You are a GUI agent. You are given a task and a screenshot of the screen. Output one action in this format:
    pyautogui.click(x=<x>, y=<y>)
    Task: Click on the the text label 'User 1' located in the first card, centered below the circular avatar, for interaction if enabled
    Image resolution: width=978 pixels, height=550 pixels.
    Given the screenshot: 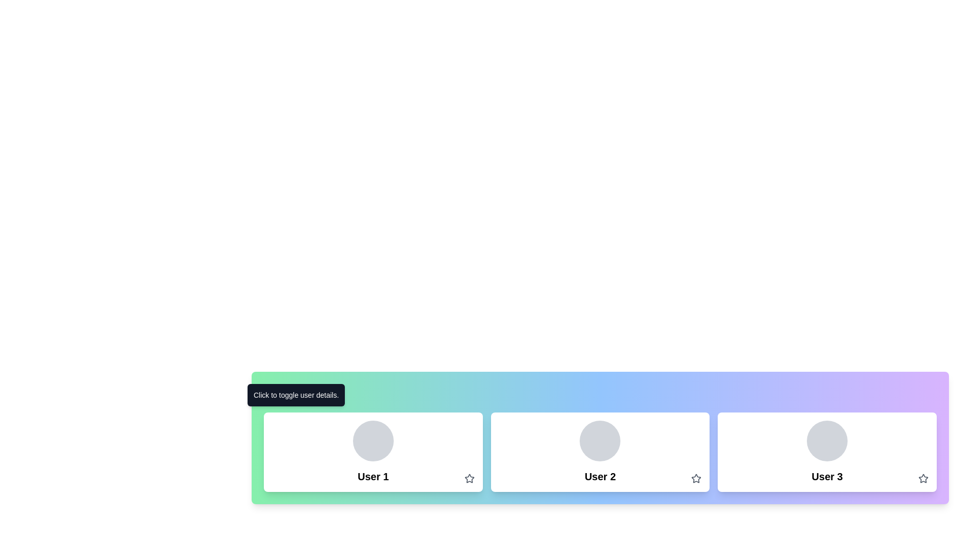 What is the action you would take?
    pyautogui.click(x=372, y=477)
    